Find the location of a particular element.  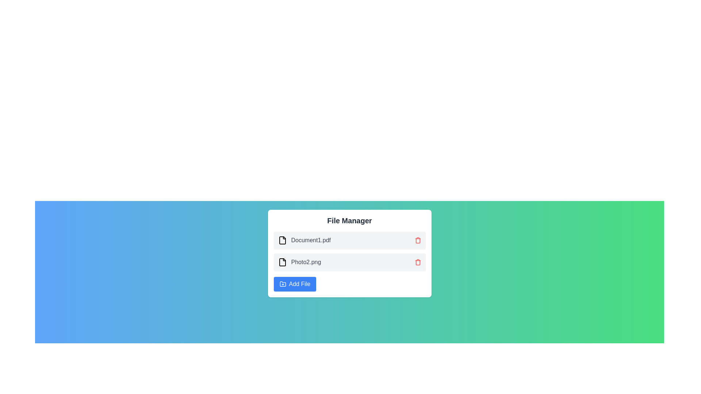

the first file entry in the file list under the 'File Manager' heading, which is identified by its position above 'Photo2.png' is located at coordinates (304, 240).